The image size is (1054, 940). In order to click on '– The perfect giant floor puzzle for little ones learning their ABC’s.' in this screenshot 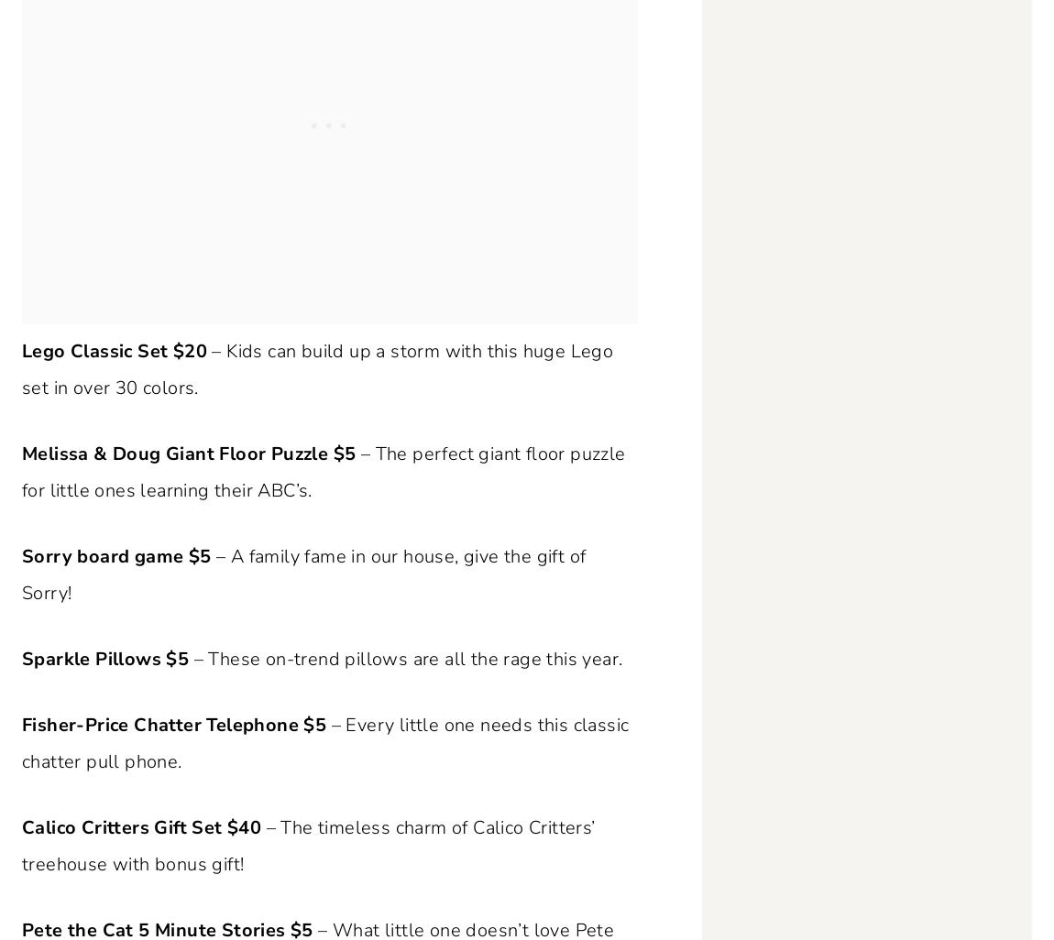, I will do `click(324, 472)`.